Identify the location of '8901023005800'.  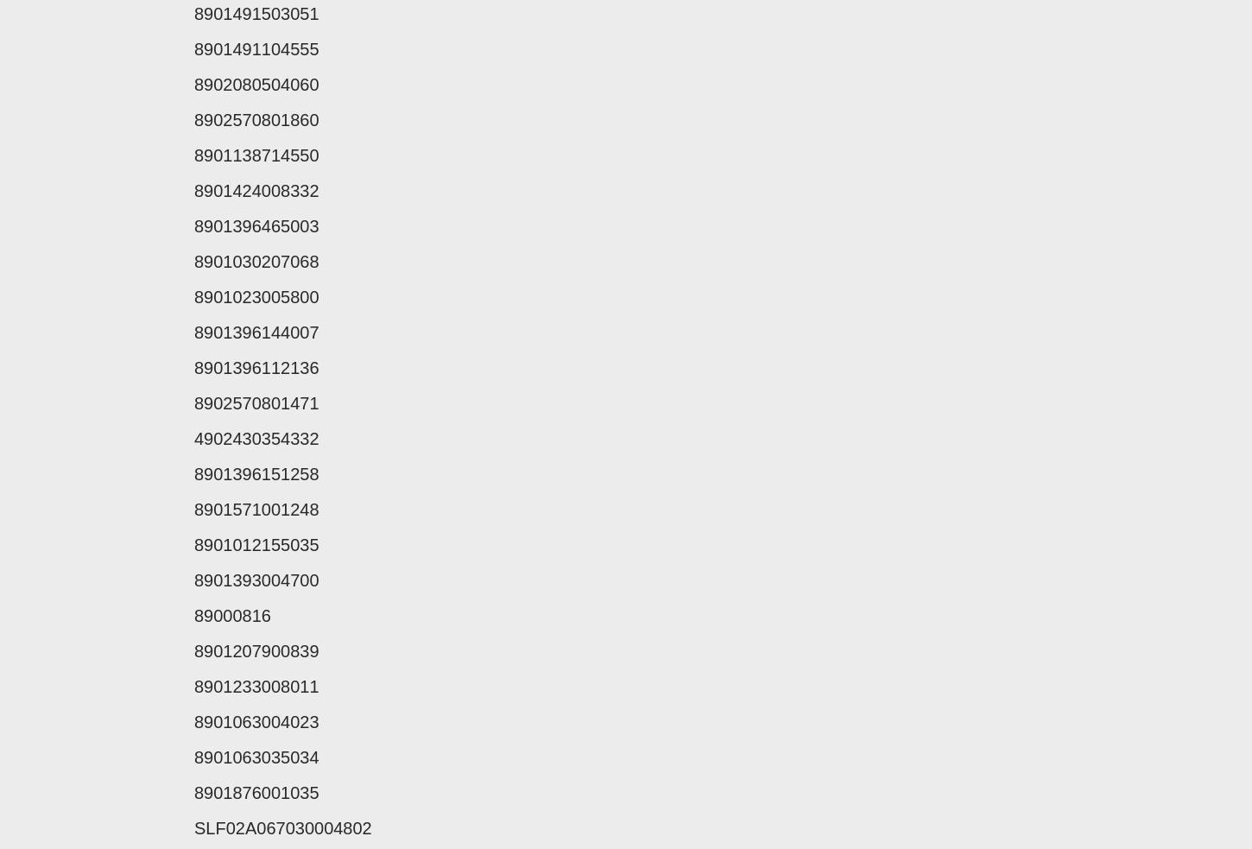
(256, 295).